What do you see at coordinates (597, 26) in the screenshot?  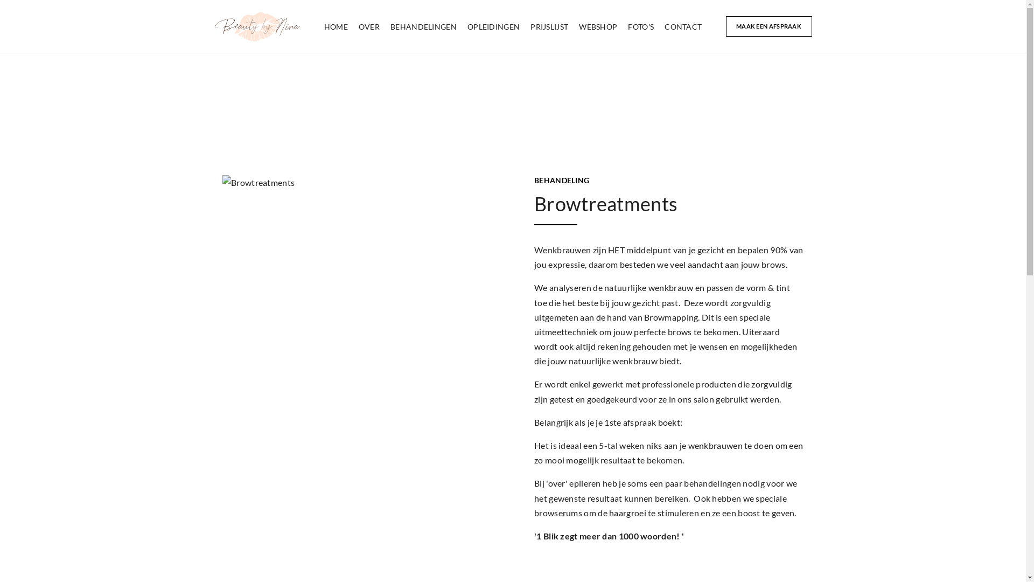 I see `'WEBSHOP'` at bounding box center [597, 26].